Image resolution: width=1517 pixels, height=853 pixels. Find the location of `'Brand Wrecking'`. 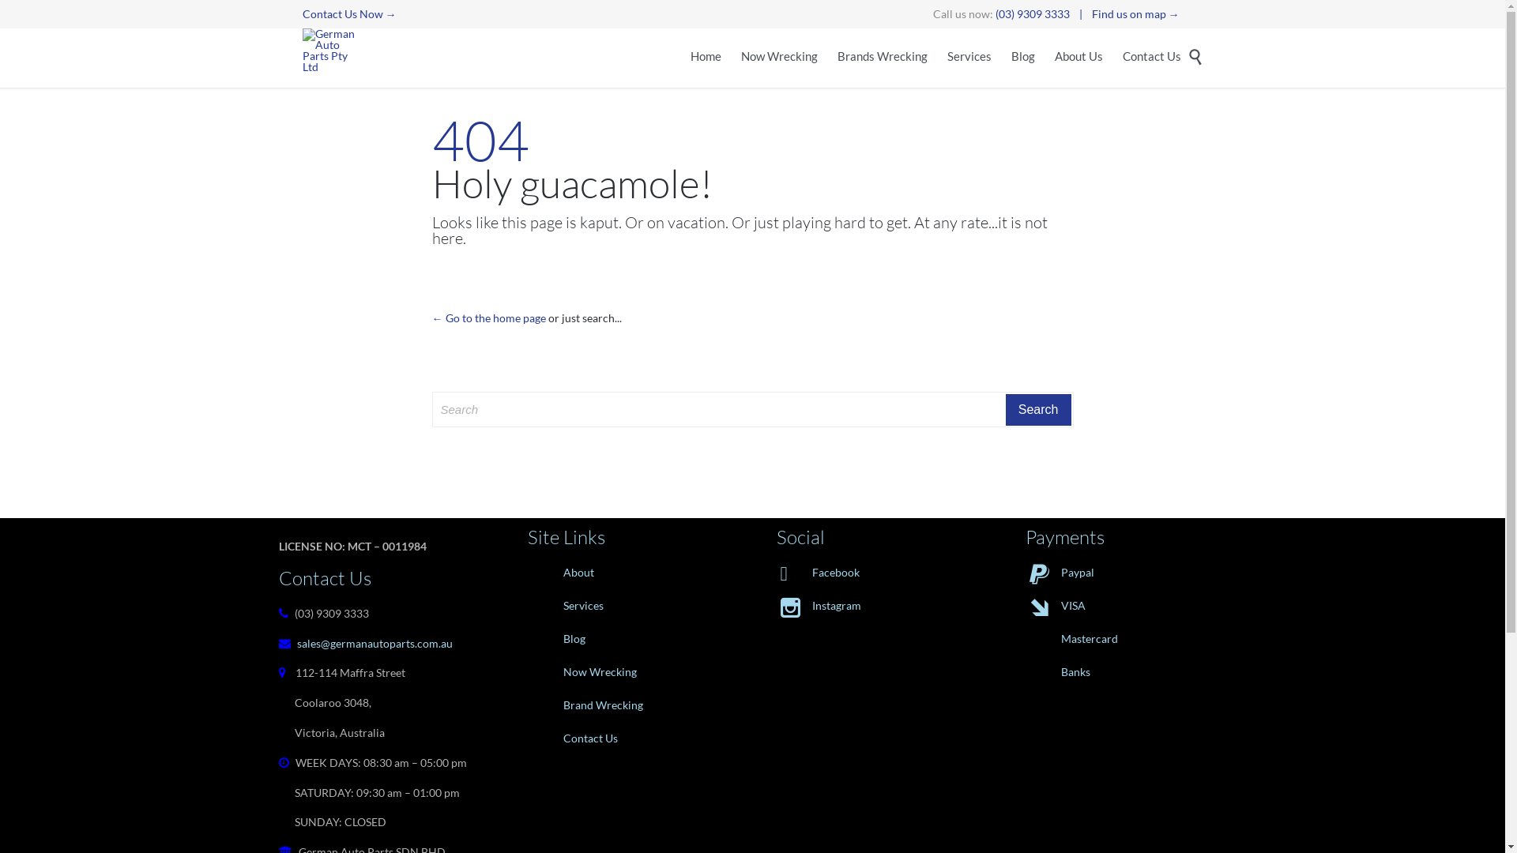

'Brand Wrecking' is located at coordinates (627, 705).